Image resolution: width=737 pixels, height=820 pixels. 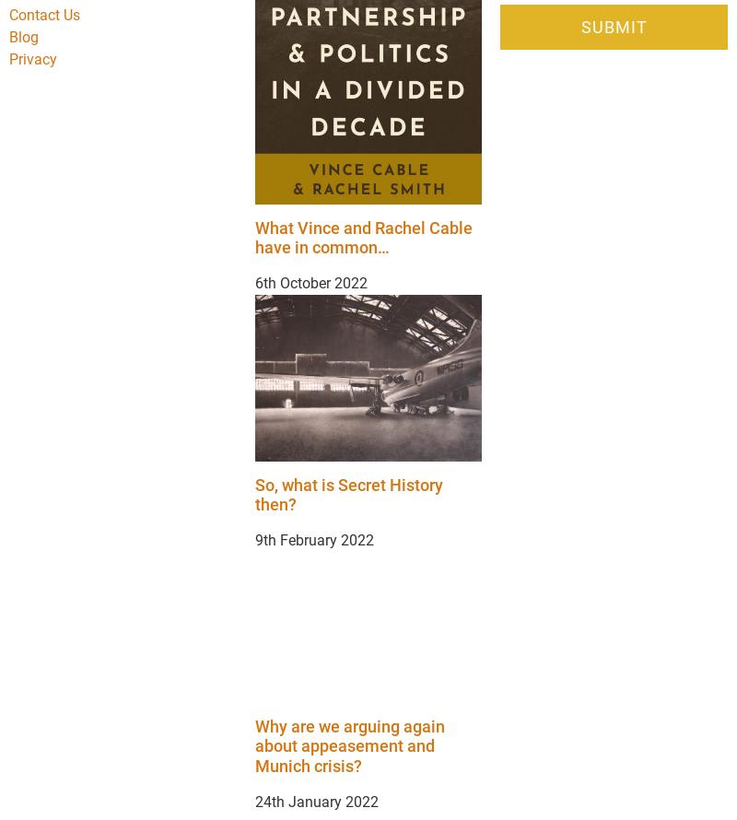 What do you see at coordinates (348, 745) in the screenshot?
I see `'Why are we arguing again about appeasement and Munich crisis?'` at bounding box center [348, 745].